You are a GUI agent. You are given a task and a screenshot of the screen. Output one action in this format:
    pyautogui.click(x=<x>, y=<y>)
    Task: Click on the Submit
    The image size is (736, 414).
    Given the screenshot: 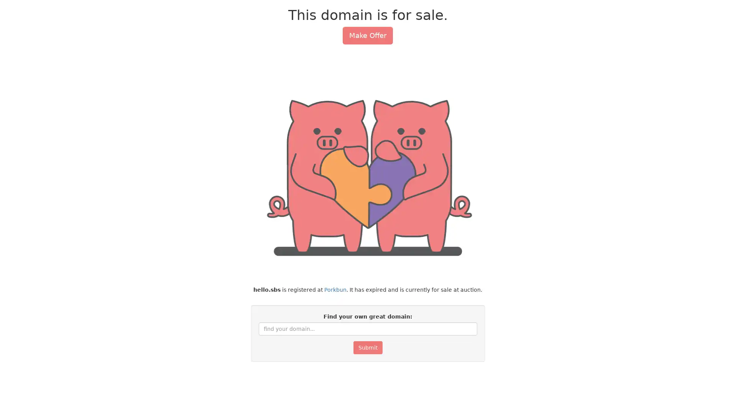 What is the action you would take?
    pyautogui.click(x=367, y=347)
    